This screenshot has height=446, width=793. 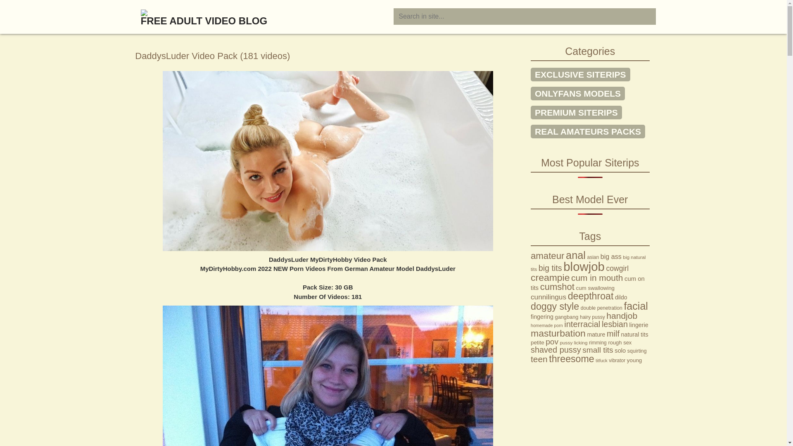 I want to click on 'petite', so click(x=531, y=342).